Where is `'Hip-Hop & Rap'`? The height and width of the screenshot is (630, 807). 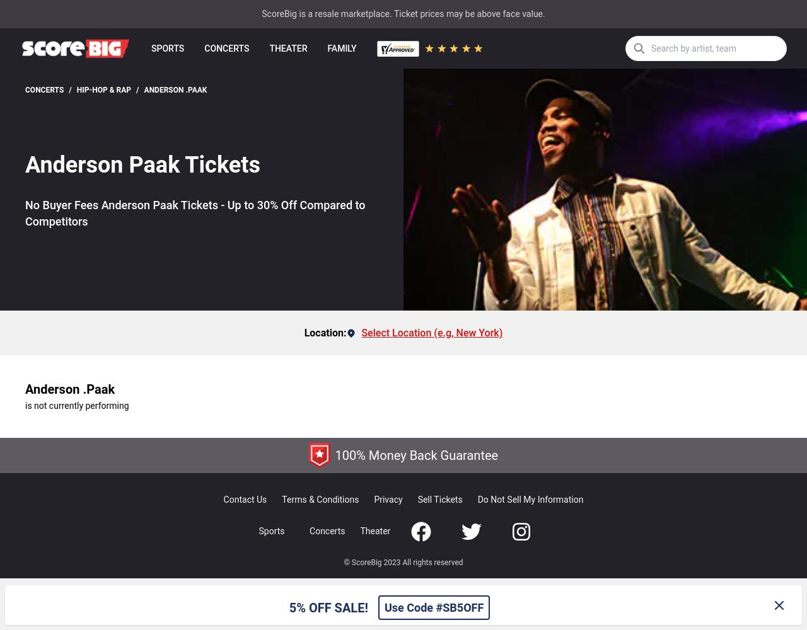 'Hip-Hop & Rap' is located at coordinates (103, 90).